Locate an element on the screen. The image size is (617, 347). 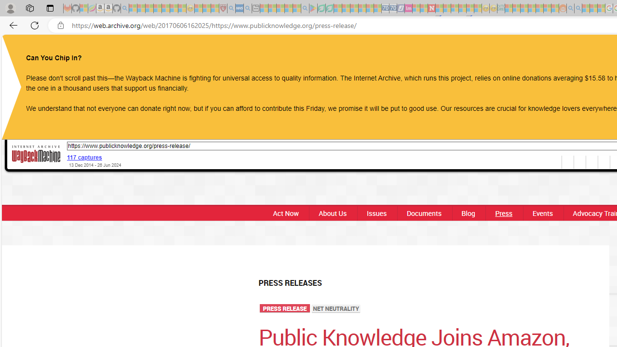
'Issues' is located at coordinates (376, 213).